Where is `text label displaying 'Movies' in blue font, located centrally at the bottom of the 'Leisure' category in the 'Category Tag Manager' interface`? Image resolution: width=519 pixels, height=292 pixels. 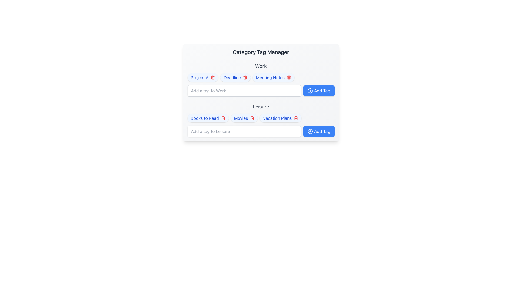 text label displaying 'Movies' in blue font, located centrally at the bottom of the 'Leisure' category in the 'Category Tag Manager' interface is located at coordinates (241, 118).